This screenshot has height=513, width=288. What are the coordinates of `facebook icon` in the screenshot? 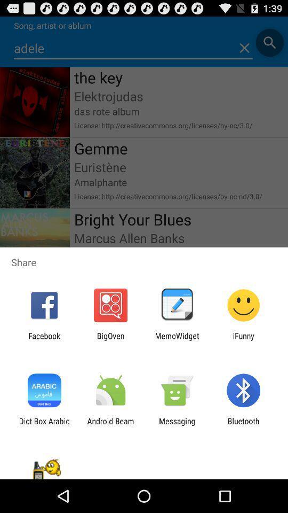 It's located at (44, 340).